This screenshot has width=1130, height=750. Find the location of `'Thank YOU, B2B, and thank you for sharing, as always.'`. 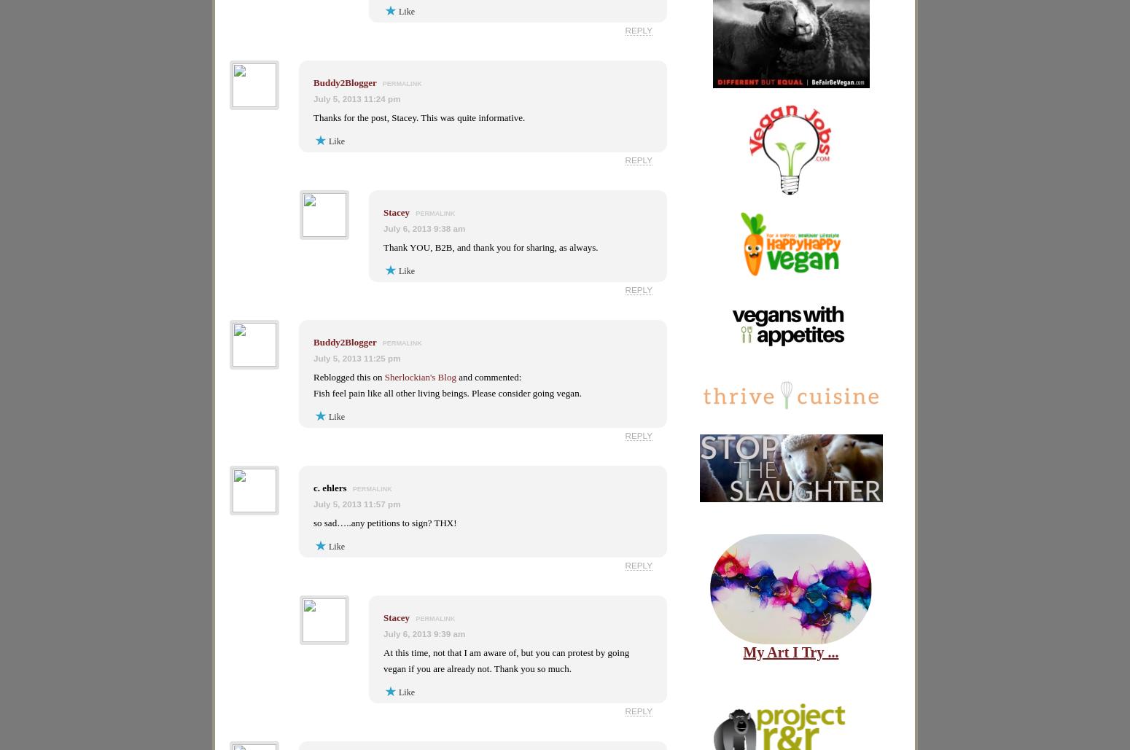

'Thank YOU, B2B, and thank you for sharing, as always.' is located at coordinates (383, 247).